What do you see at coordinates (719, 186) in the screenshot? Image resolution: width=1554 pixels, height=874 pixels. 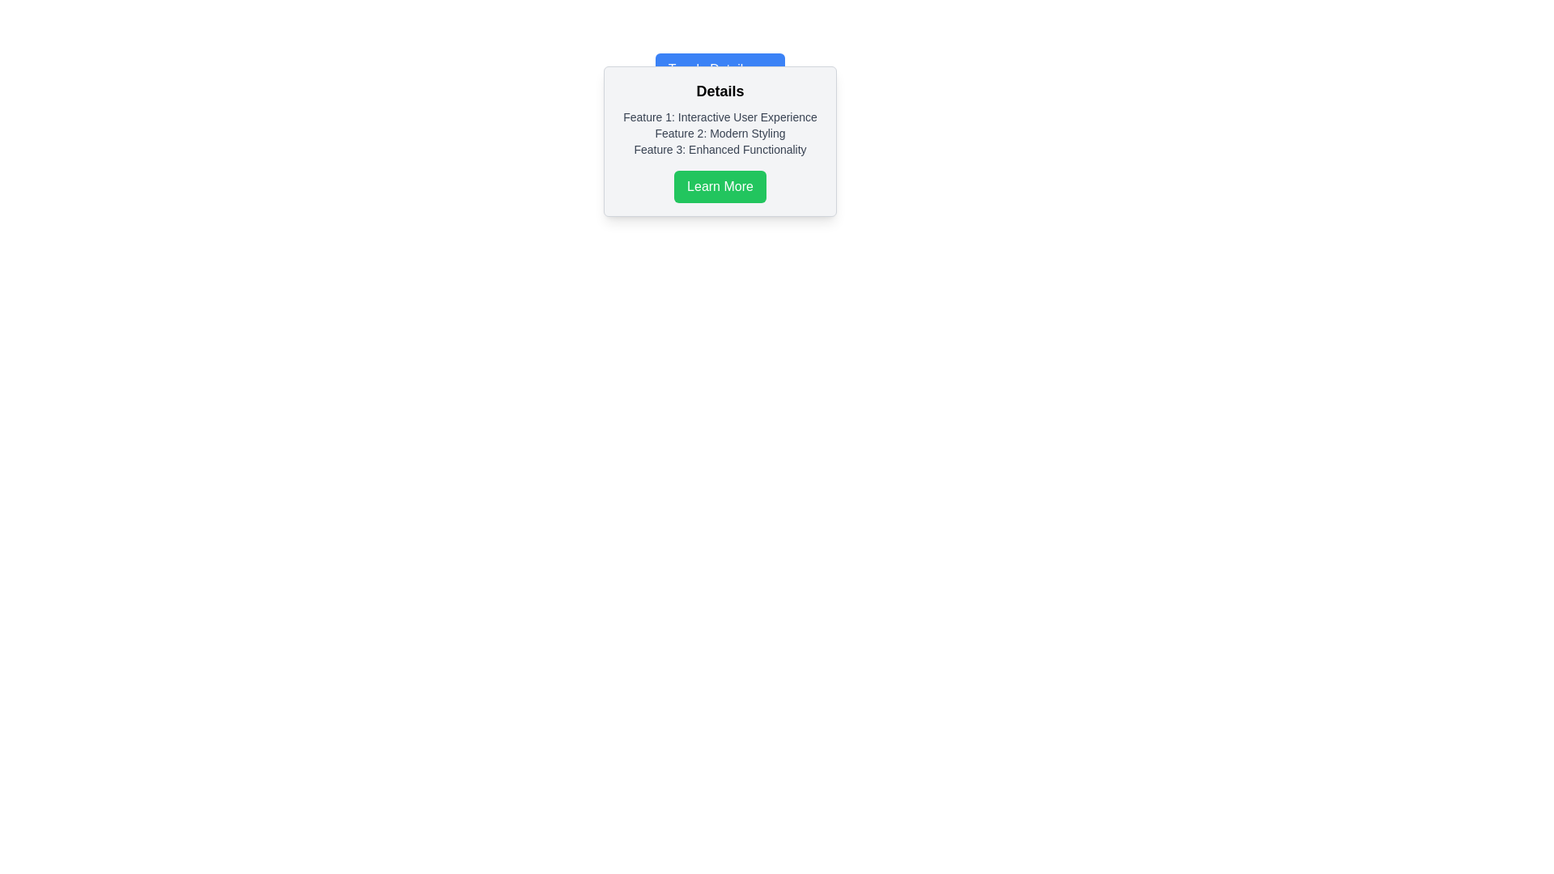 I see `the green 'Learn More' button at the bottom of the informational pane` at bounding box center [719, 186].